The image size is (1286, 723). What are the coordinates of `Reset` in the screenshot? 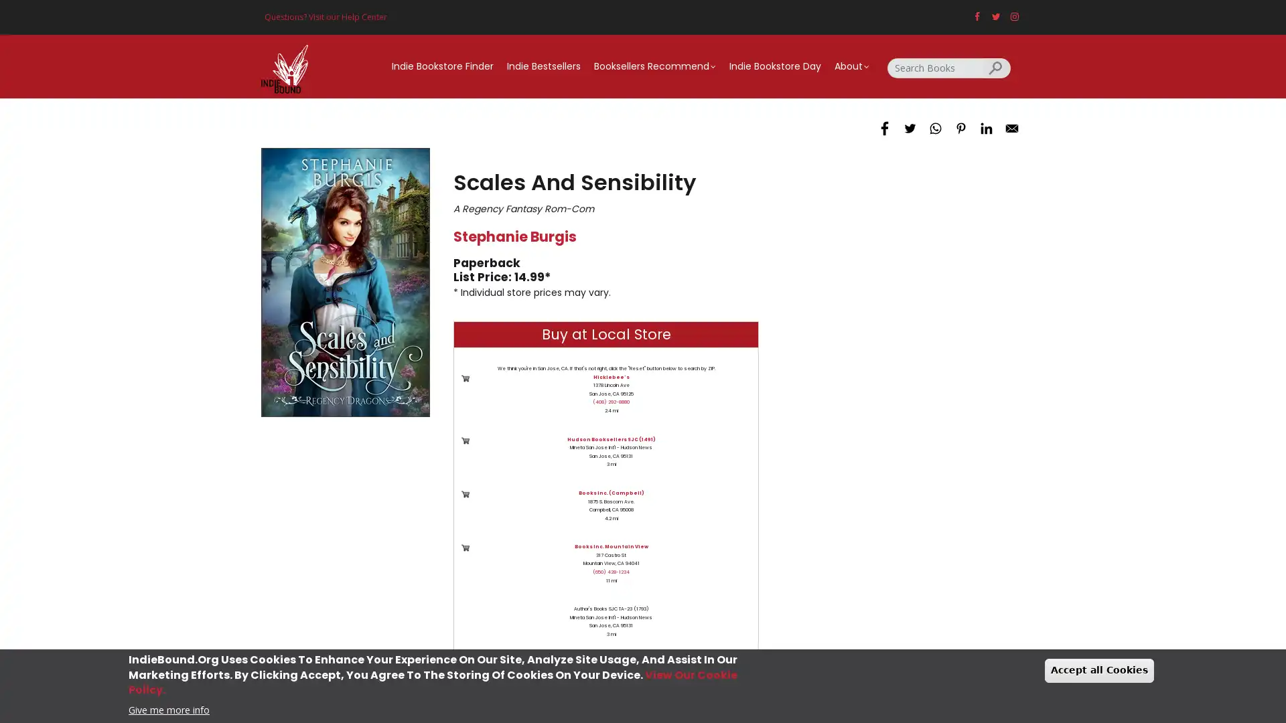 It's located at (560, 675).